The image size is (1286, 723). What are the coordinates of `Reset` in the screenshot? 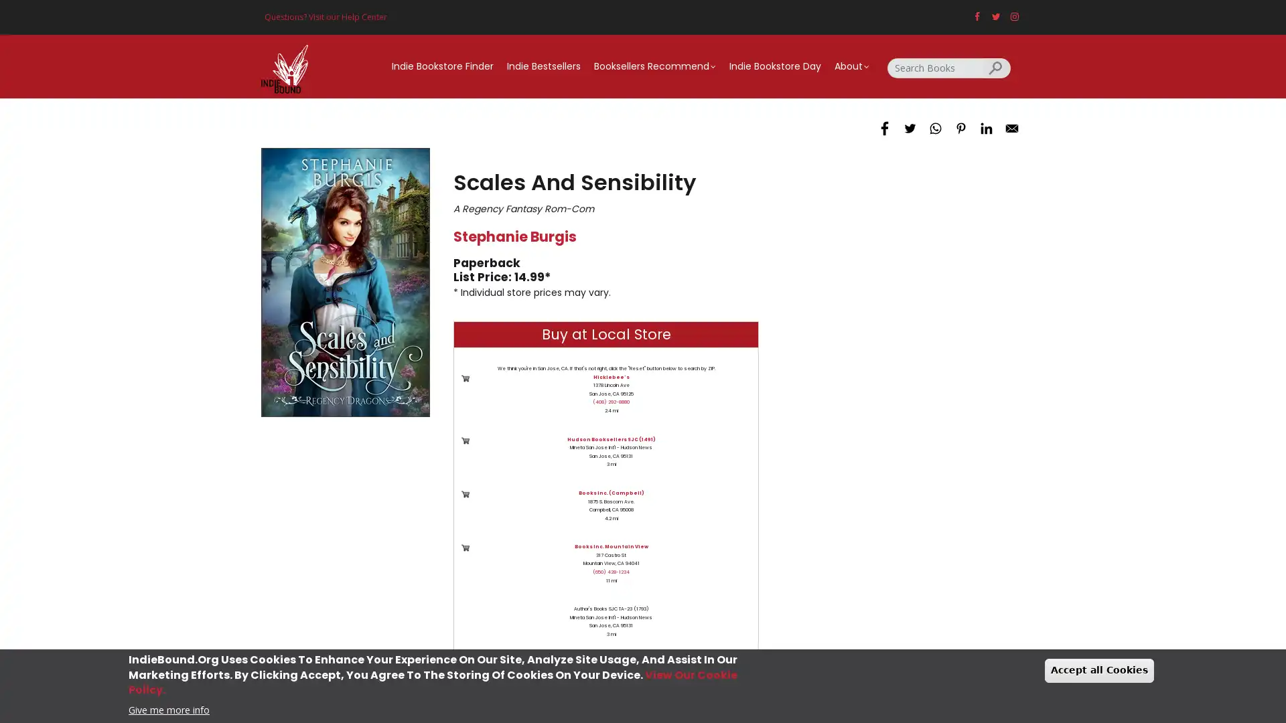 It's located at (560, 675).